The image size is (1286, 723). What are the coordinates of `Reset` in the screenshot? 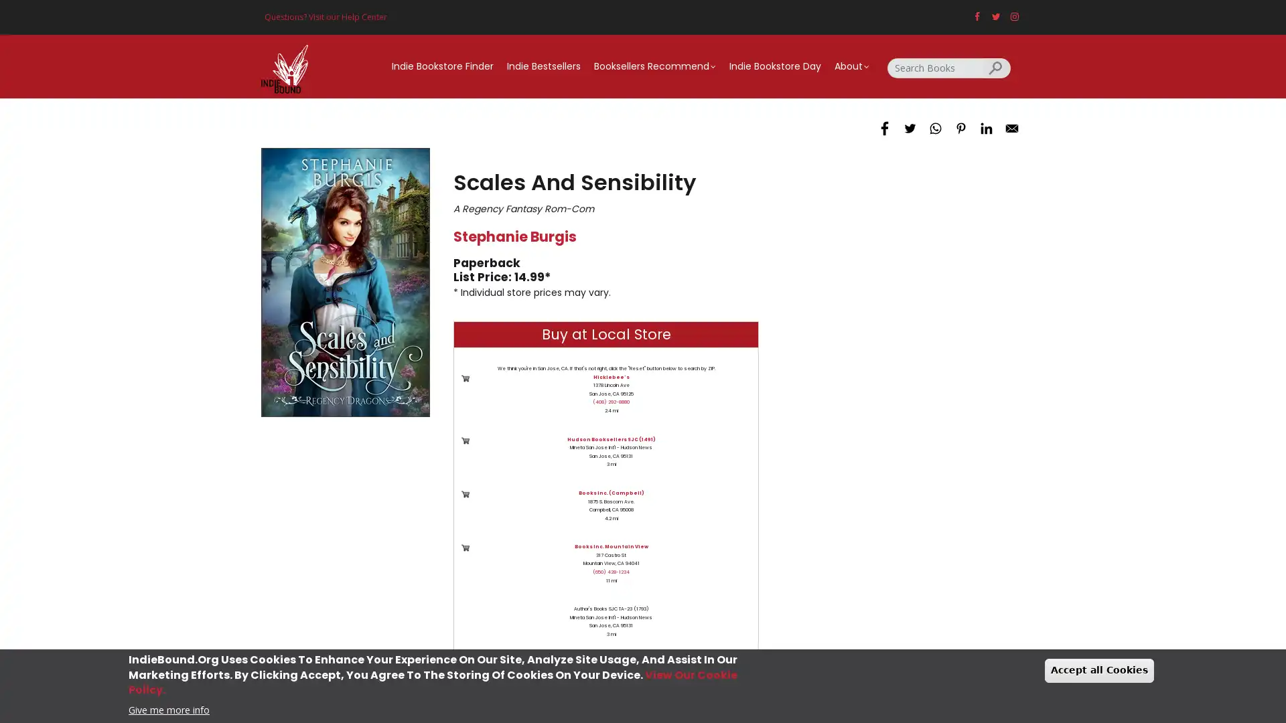 It's located at (560, 675).